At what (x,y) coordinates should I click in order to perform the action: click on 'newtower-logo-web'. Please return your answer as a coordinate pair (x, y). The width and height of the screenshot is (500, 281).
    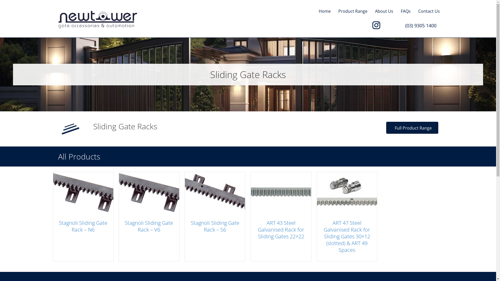
    Looking at the image, I should click on (97, 19).